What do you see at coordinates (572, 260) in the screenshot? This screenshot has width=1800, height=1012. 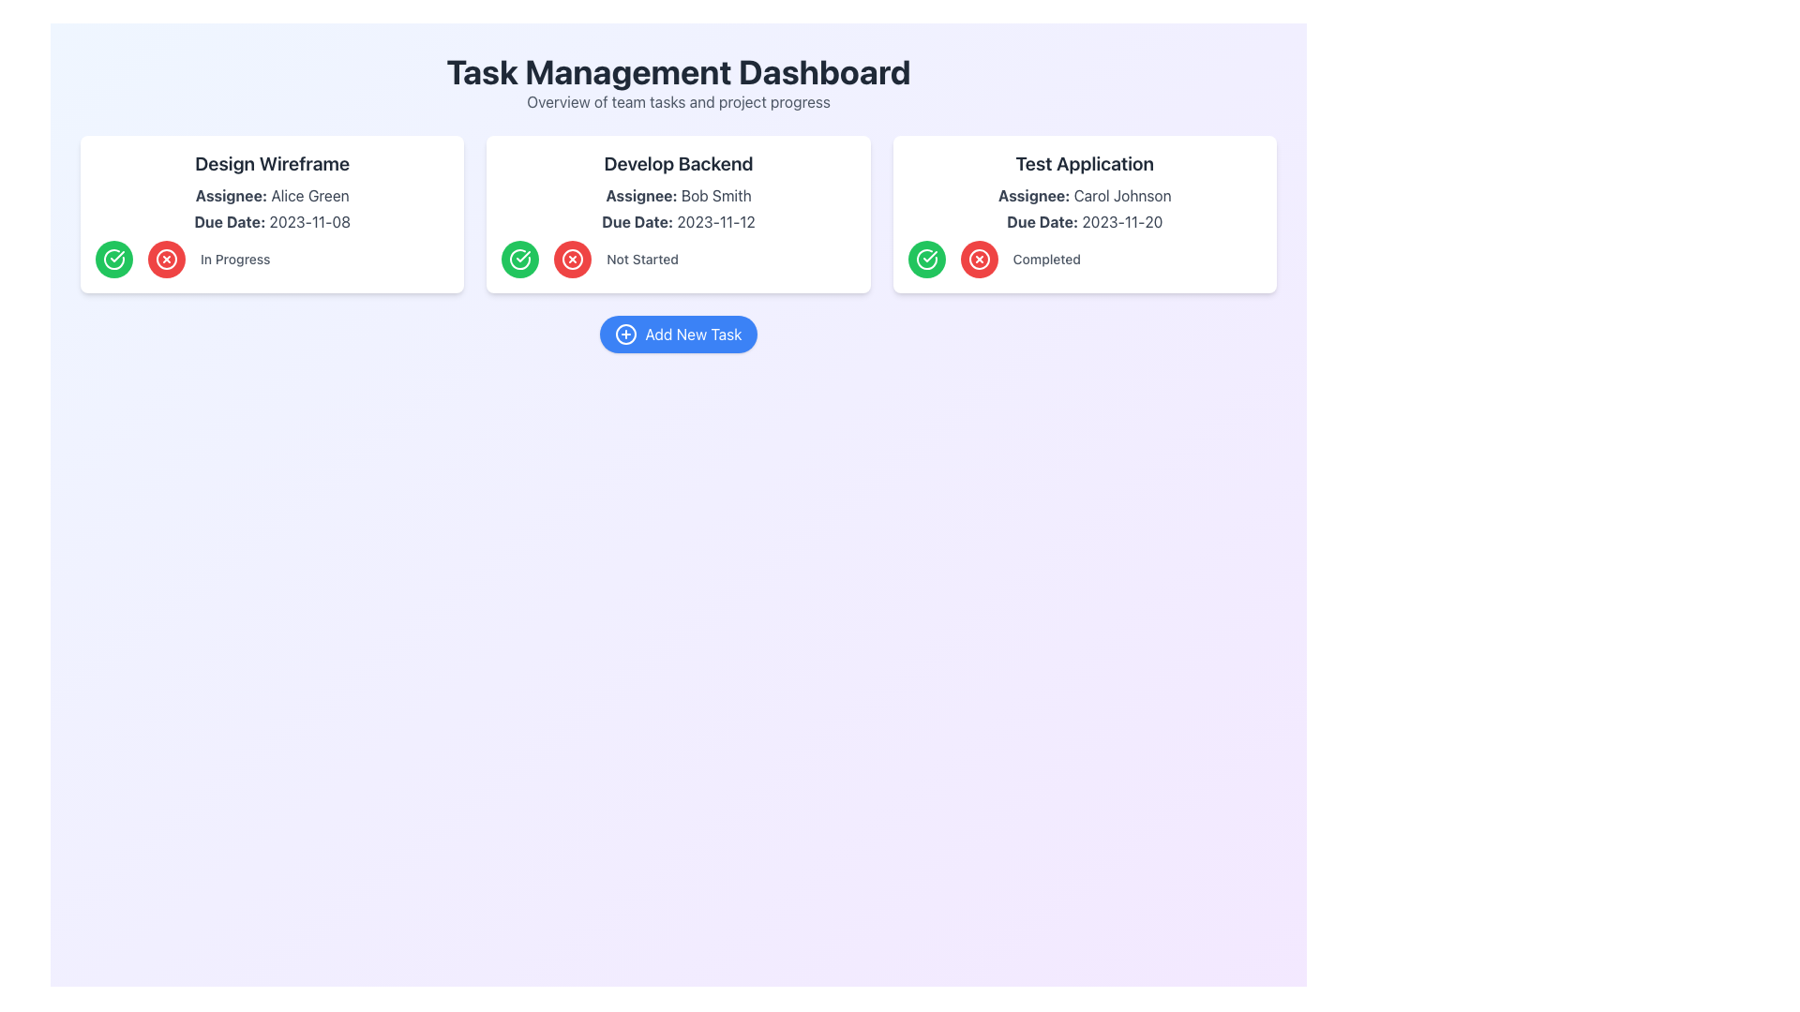 I see `the cancellation button located in the 'Develop Backend' task card, positioned below the task title and to the left of the green checkmark icon` at bounding box center [572, 260].